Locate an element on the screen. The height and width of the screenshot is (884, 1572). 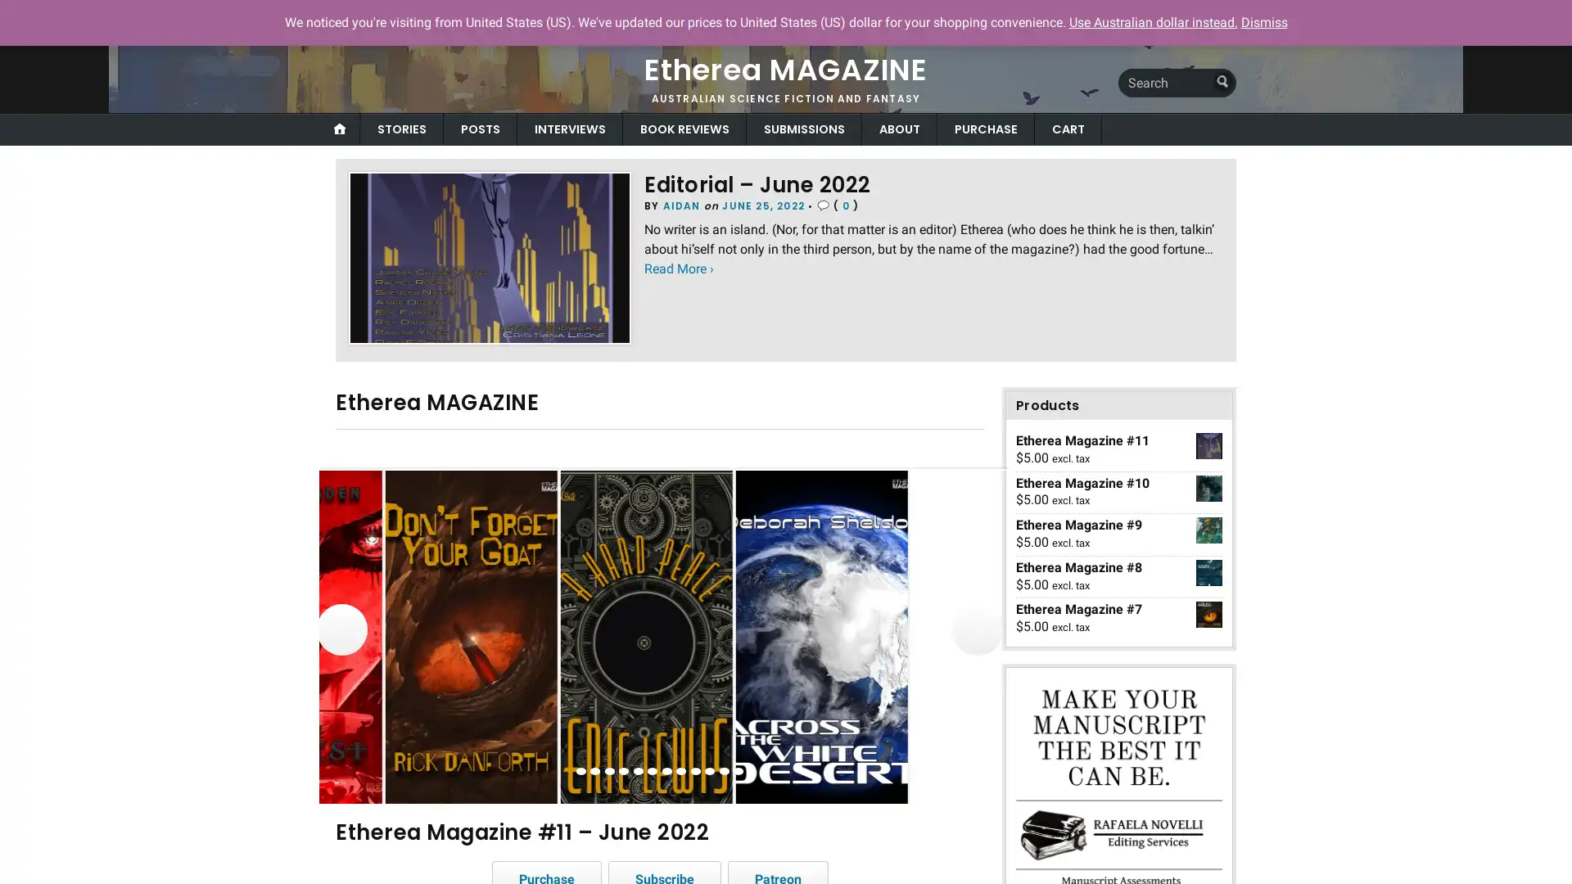
view image 2 of 12 in carousel is located at coordinates (594, 770).